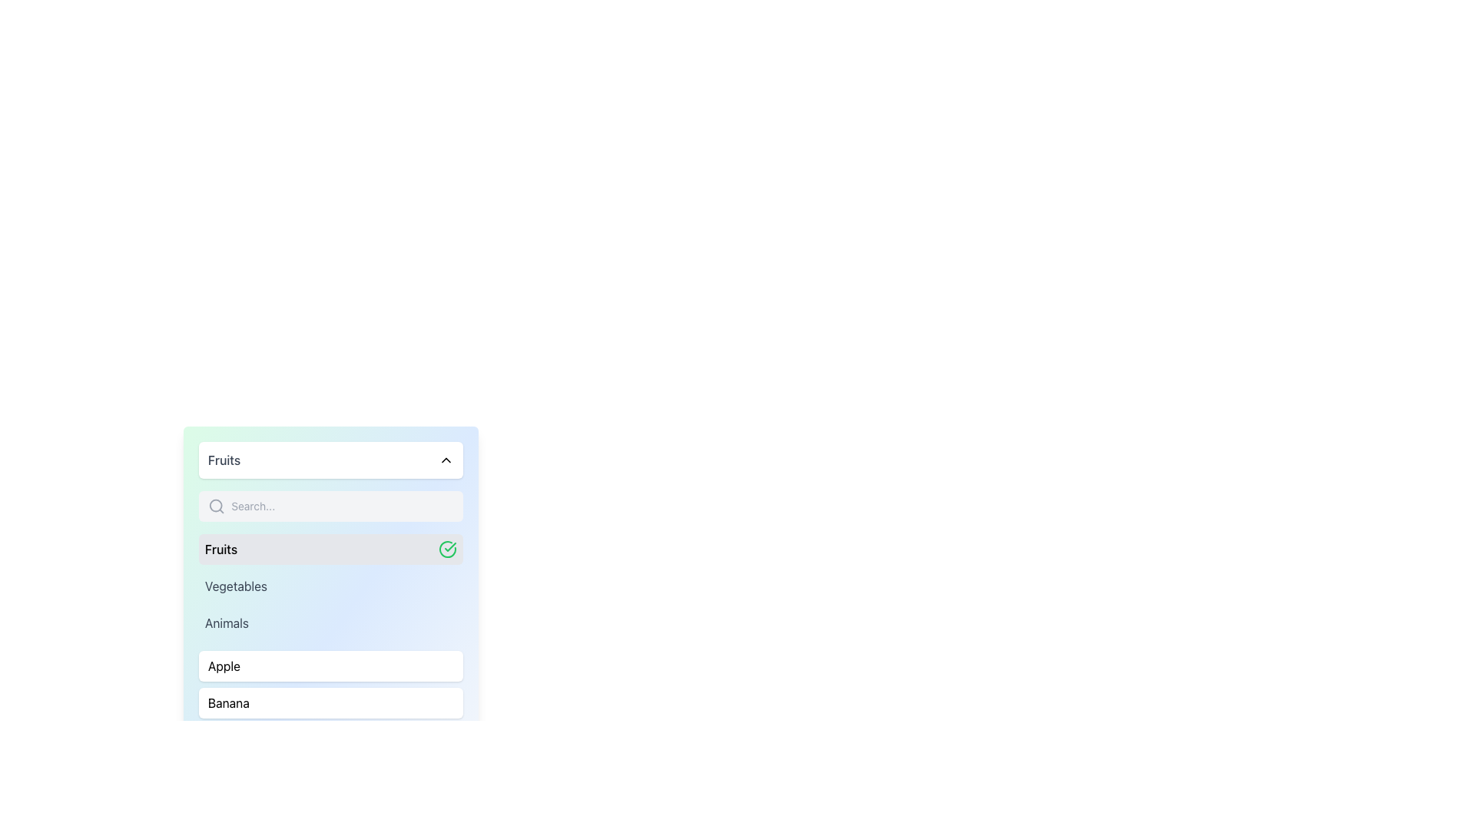 This screenshot has height=830, width=1475. What do you see at coordinates (215, 506) in the screenshot?
I see `the inner circle of the magnifying glass icon within the search bar area` at bounding box center [215, 506].